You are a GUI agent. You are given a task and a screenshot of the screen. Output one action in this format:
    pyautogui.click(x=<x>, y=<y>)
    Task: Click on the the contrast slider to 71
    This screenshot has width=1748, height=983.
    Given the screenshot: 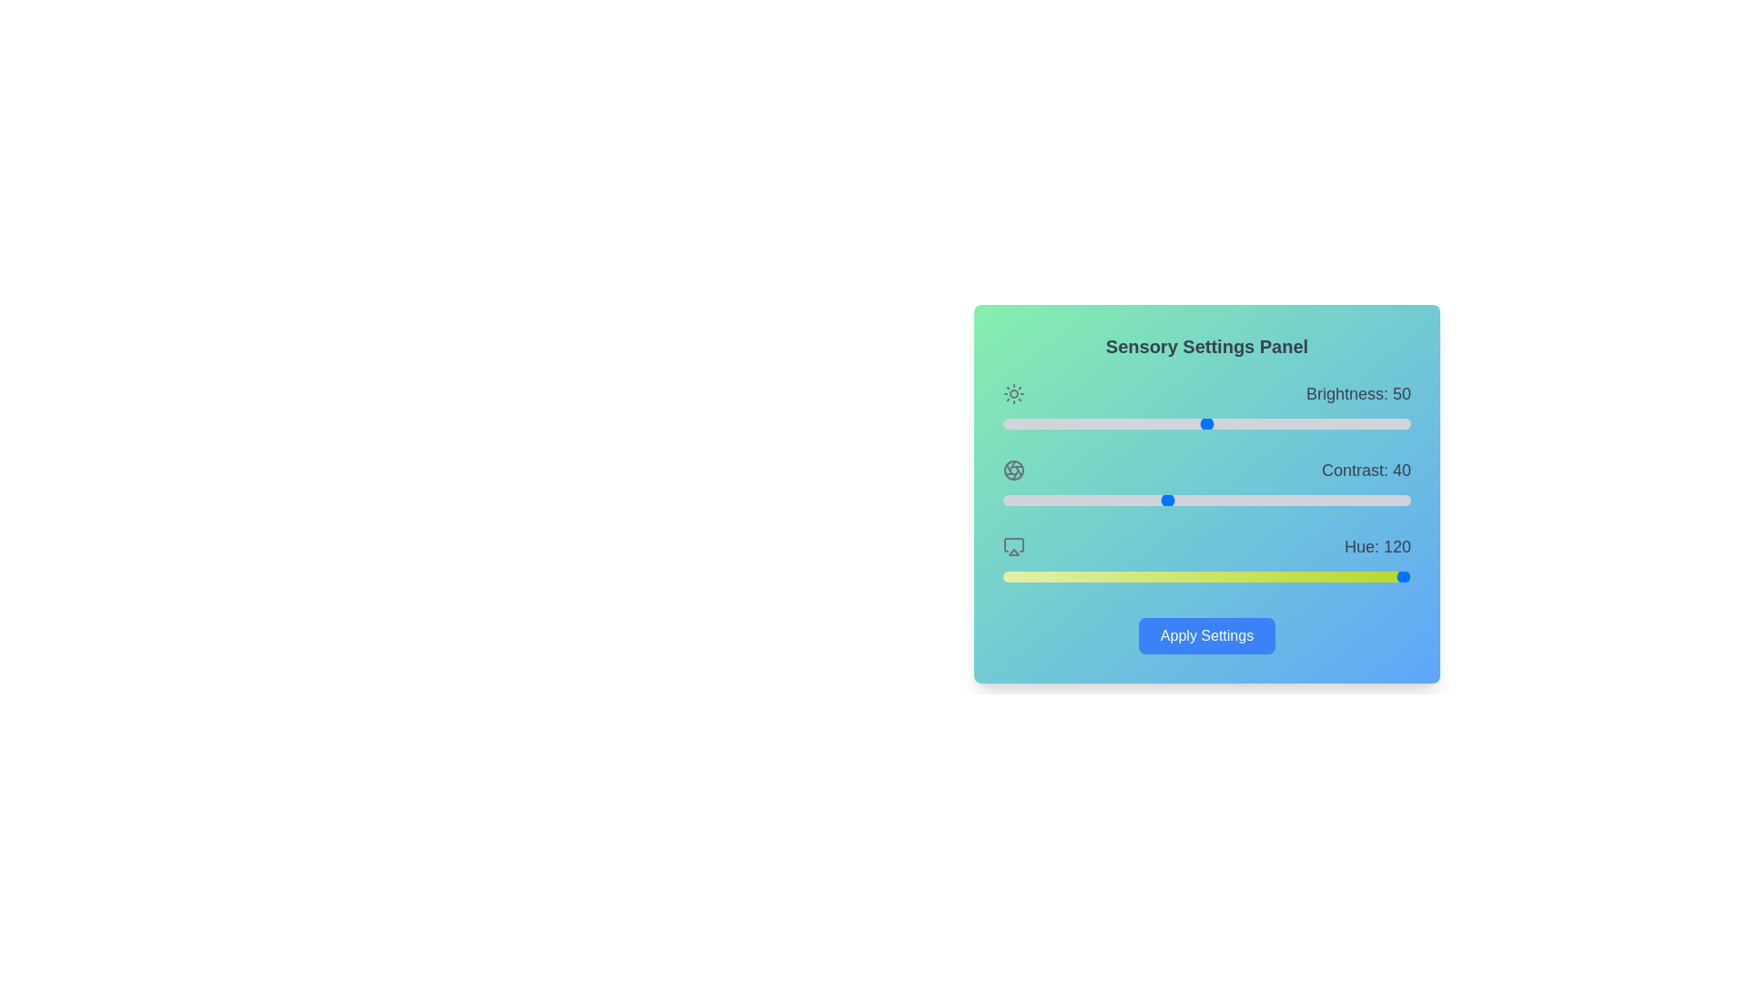 What is the action you would take?
    pyautogui.click(x=1292, y=501)
    